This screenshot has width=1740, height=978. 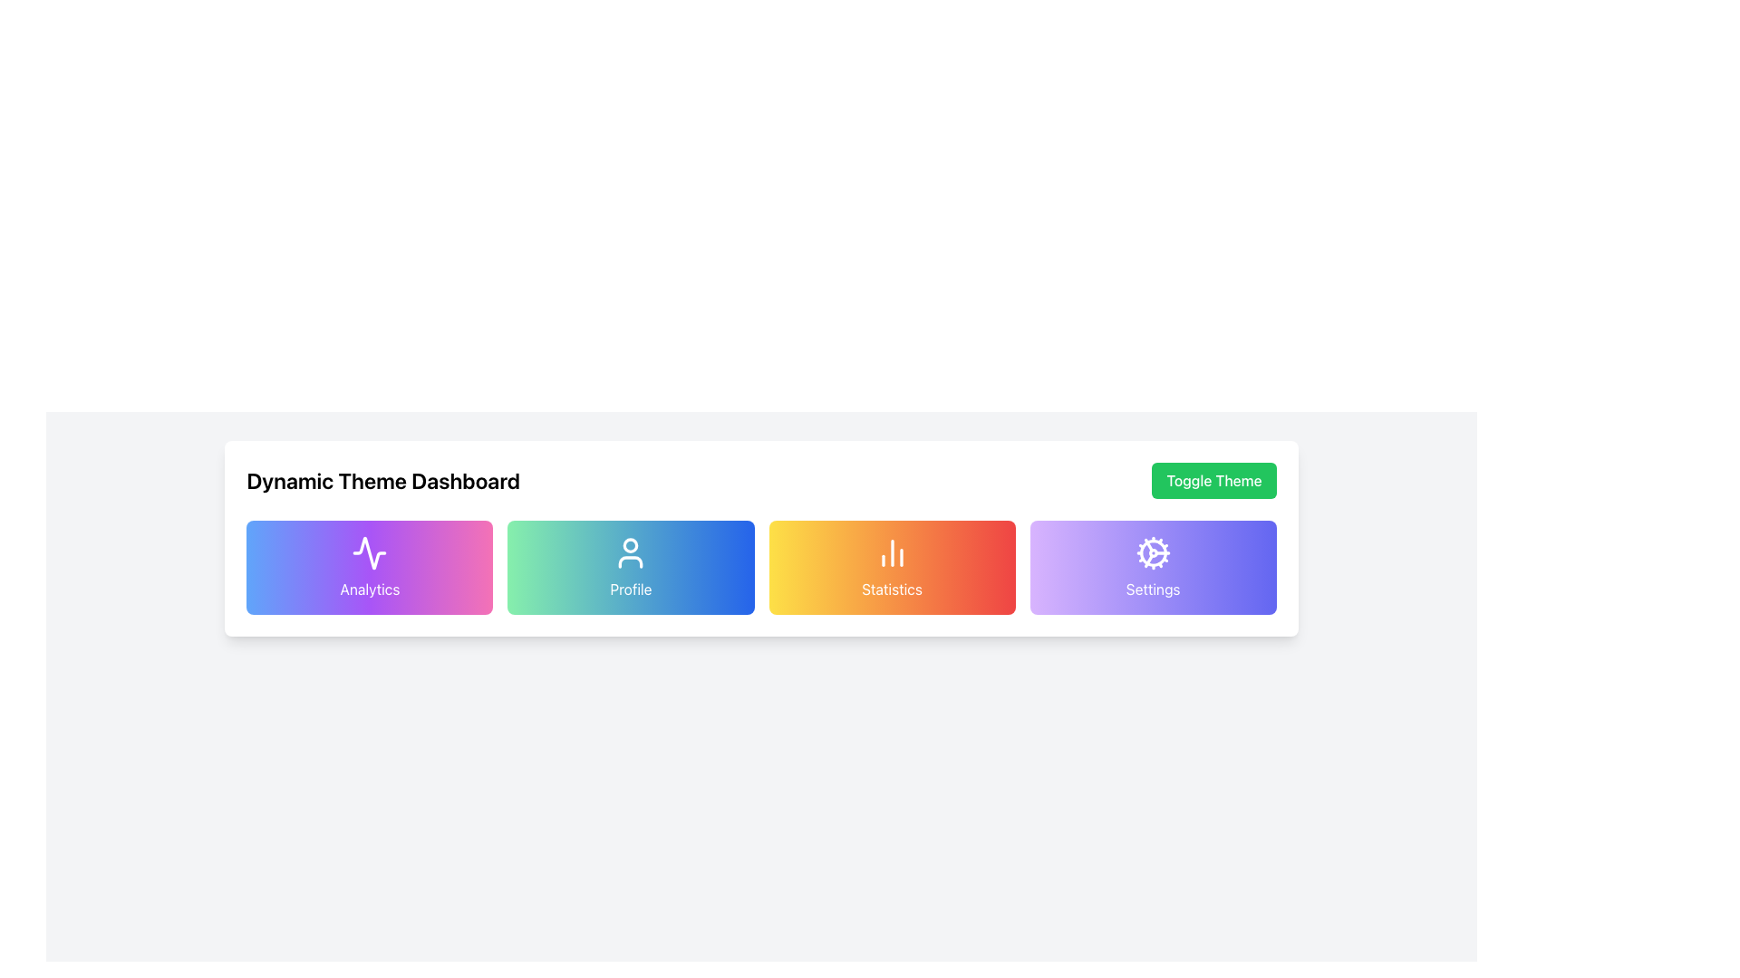 What do you see at coordinates (1152, 590) in the screenshot?
I see `'Settings' text label located at the bottom of the 'Settings' card in the Dynamic Theme Dashboard interface` at bounding box center [1152, 590].